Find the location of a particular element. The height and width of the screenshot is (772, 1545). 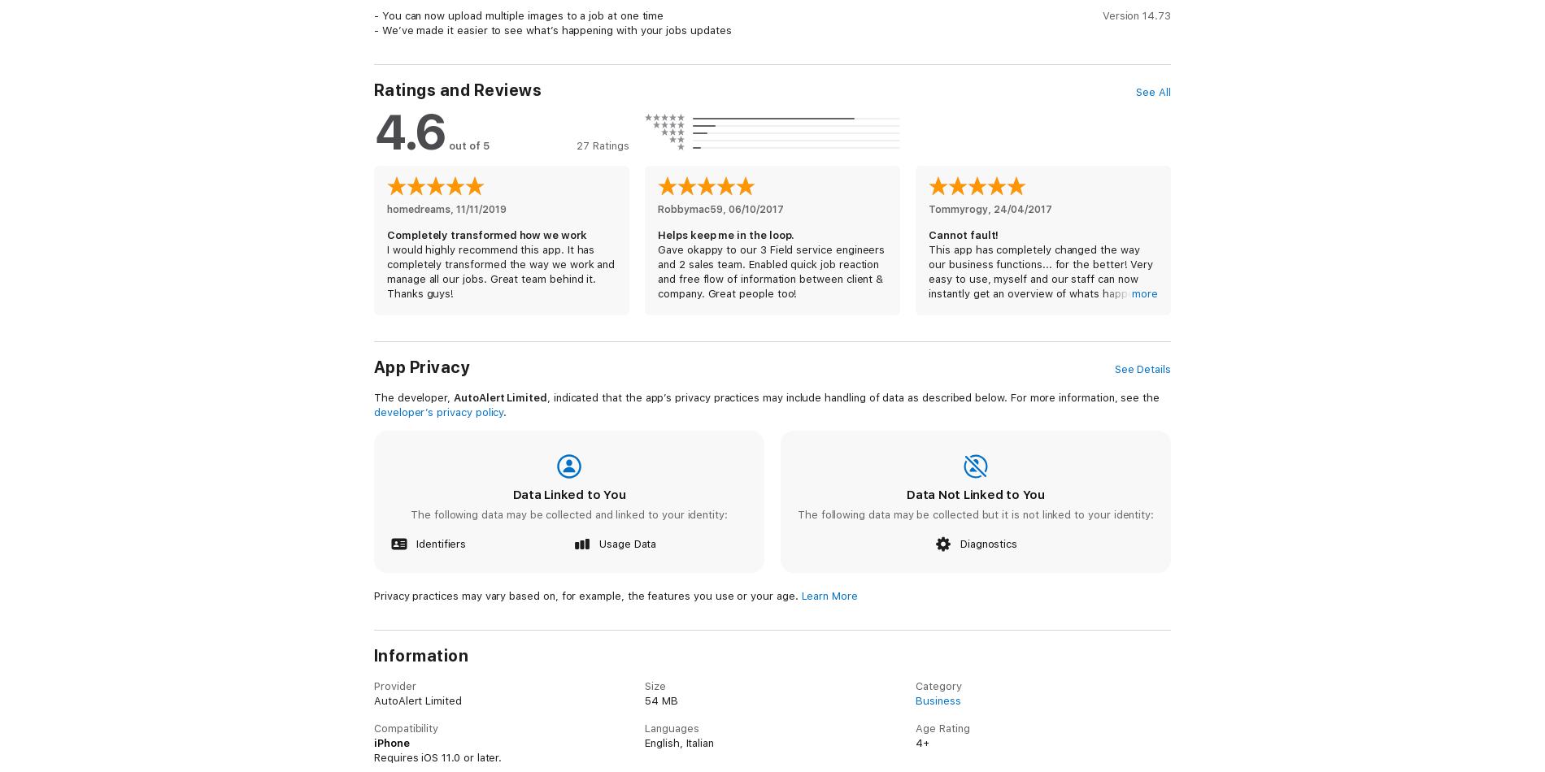

'11/11/2019' is located at coordinates (481, 209).